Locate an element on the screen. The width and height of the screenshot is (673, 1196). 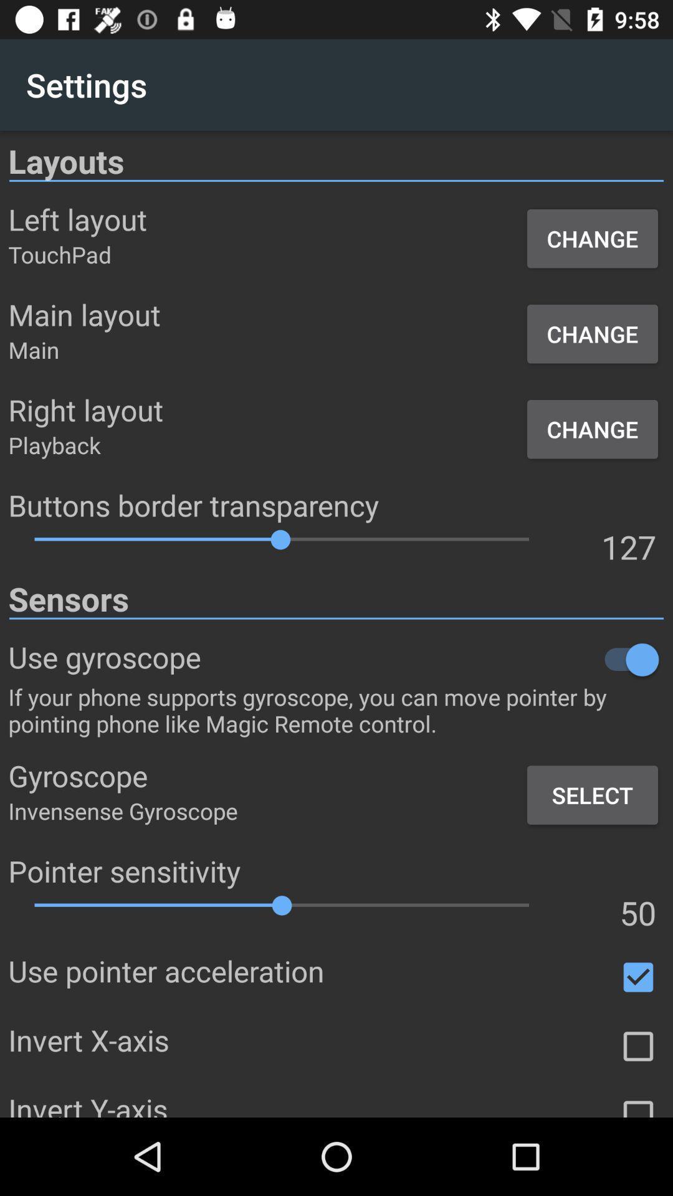
check invert x-axis on is located at coordinates (638, 1046).